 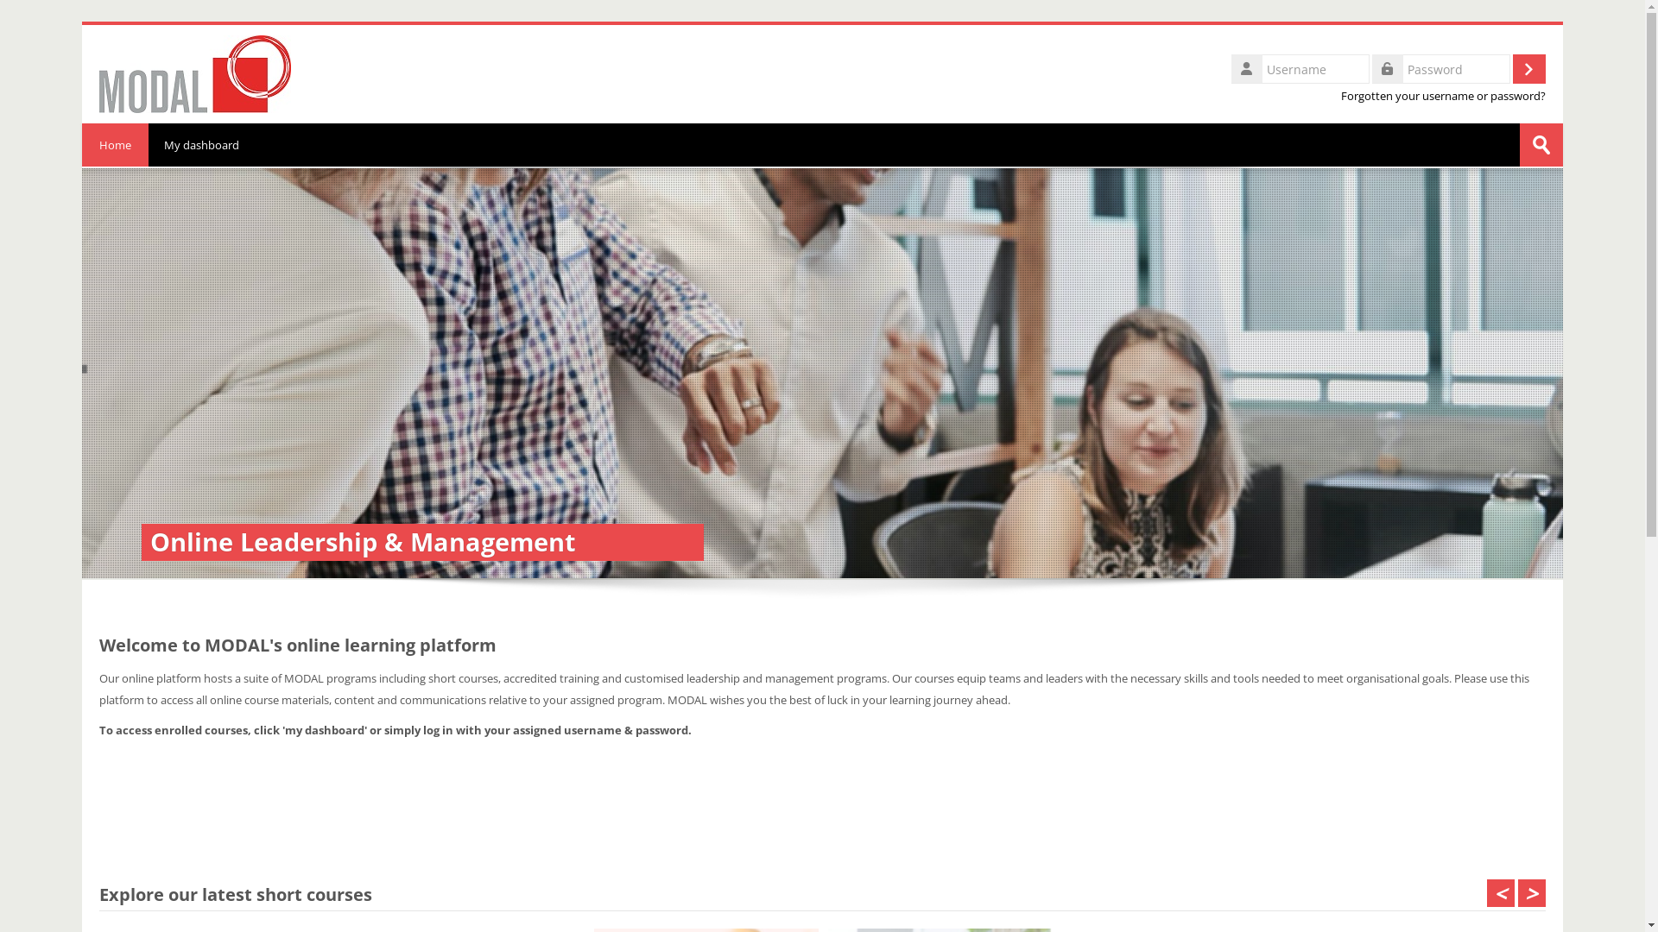 I want to click on 'Submit', so click(x=1541, y=144).